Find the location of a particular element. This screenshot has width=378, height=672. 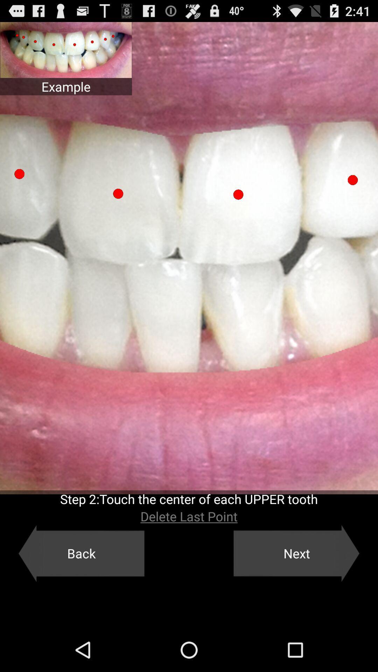

the app below the step 2 touch icon is located at coordinates (189, 516).